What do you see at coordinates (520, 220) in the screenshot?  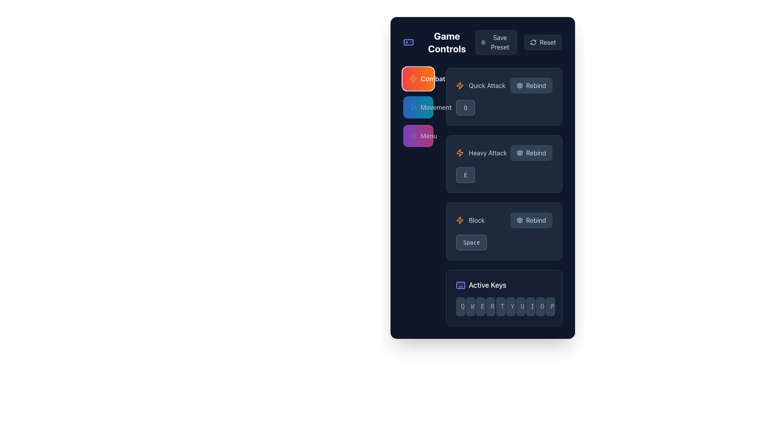 I see `the settings icon located at the right end of the 'Rebind' button in the control settings interface` at bounding box center [520, 220].